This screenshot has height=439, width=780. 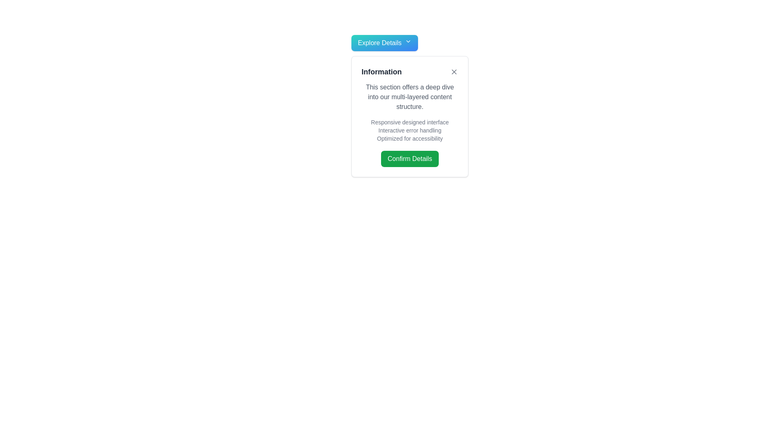 What do you see at coordinates (409, 43) in the screenshot?
I see `the 'Explore Details' dropdown trigger button with a teal to blue gradient background` at bounding box center [409, 43].